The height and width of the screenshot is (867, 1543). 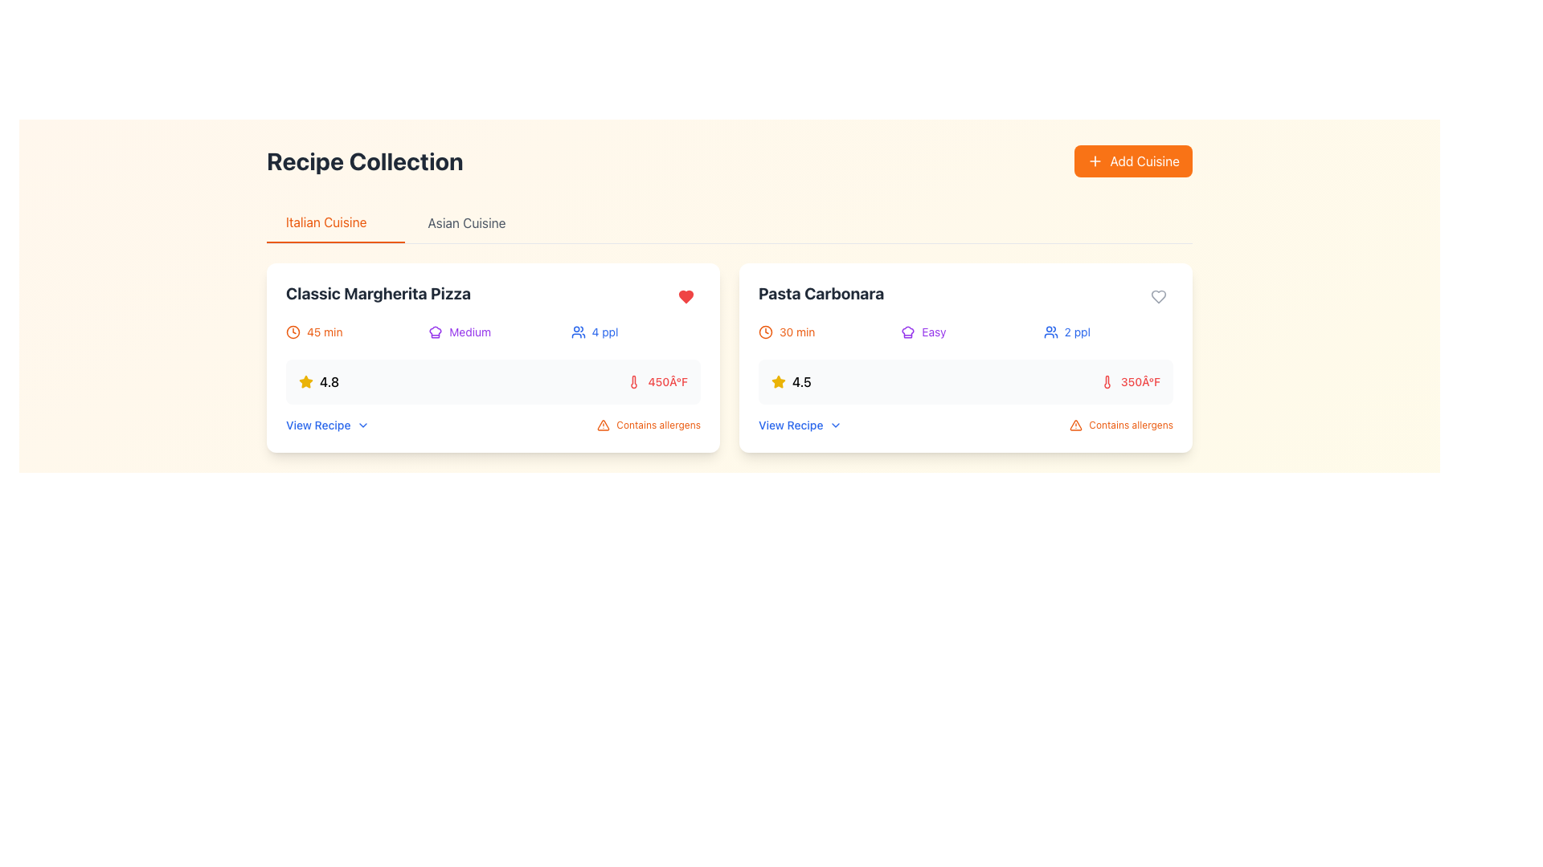 I want to click on text label displaying '4.5' located within the rating section of the 'Pasta Carbonara' card, adjacent to a yellow star icon, so click(x=801, y=381).